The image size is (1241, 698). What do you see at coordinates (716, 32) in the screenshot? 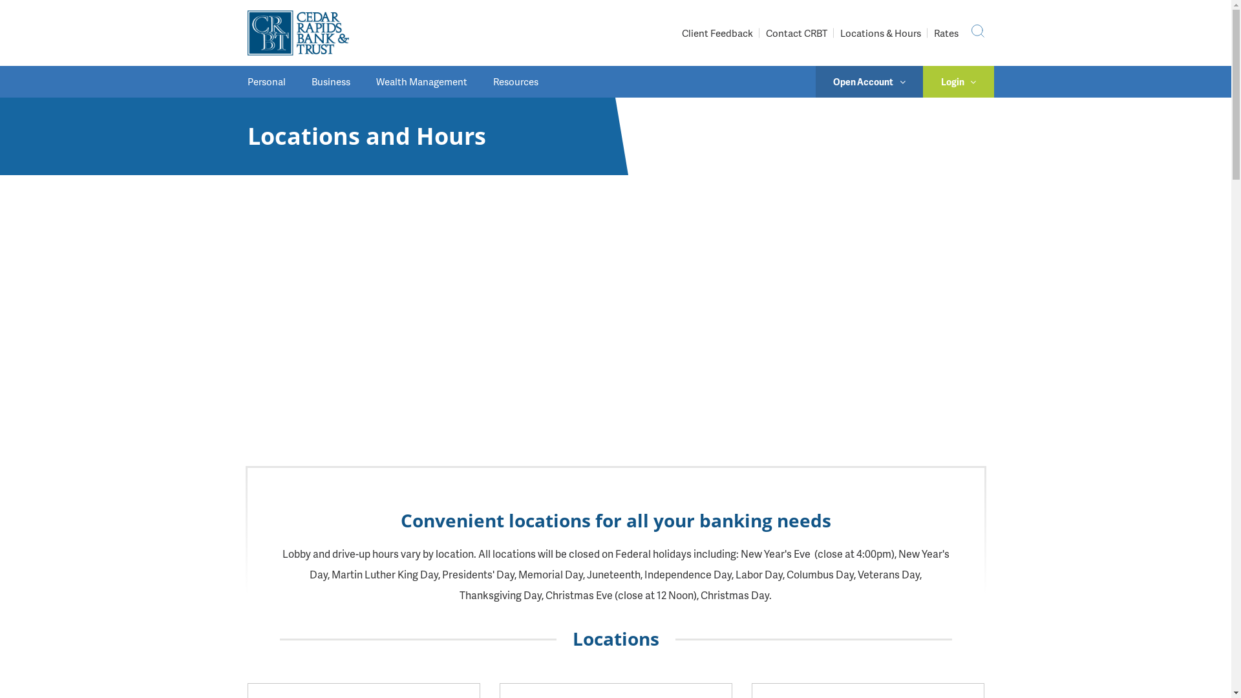
I see `'Client Feedback'` at bounding box center [716, 32].